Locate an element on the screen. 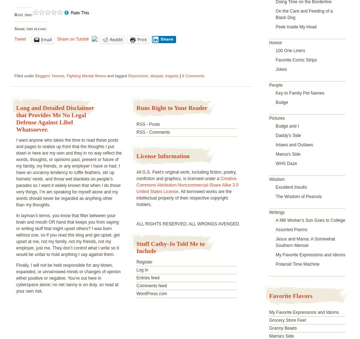  'Key to Family Pet Names' is located at coordinates (275, 93).